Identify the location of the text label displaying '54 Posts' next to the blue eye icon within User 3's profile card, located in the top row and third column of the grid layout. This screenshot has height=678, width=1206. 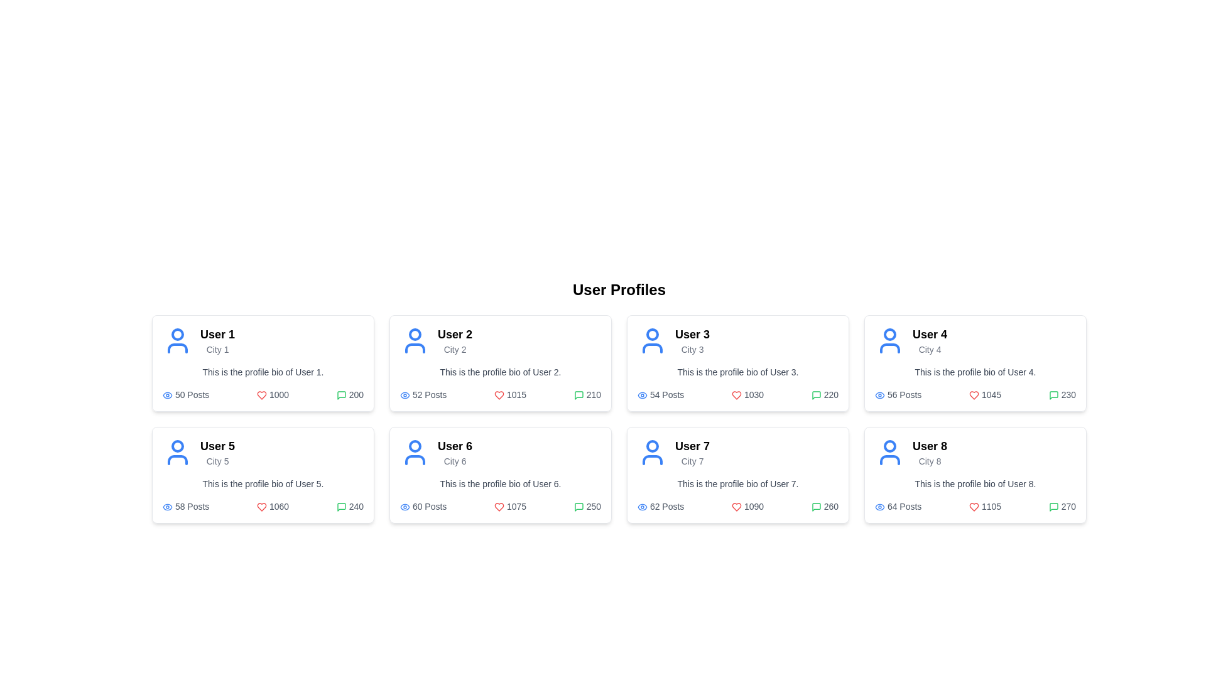
(660, 394).